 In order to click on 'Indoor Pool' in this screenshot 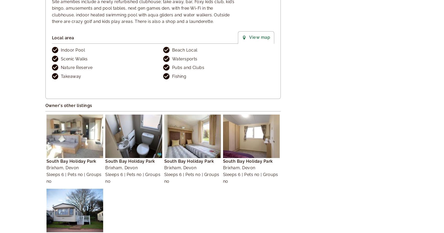, I will do `click(73, 50)`.